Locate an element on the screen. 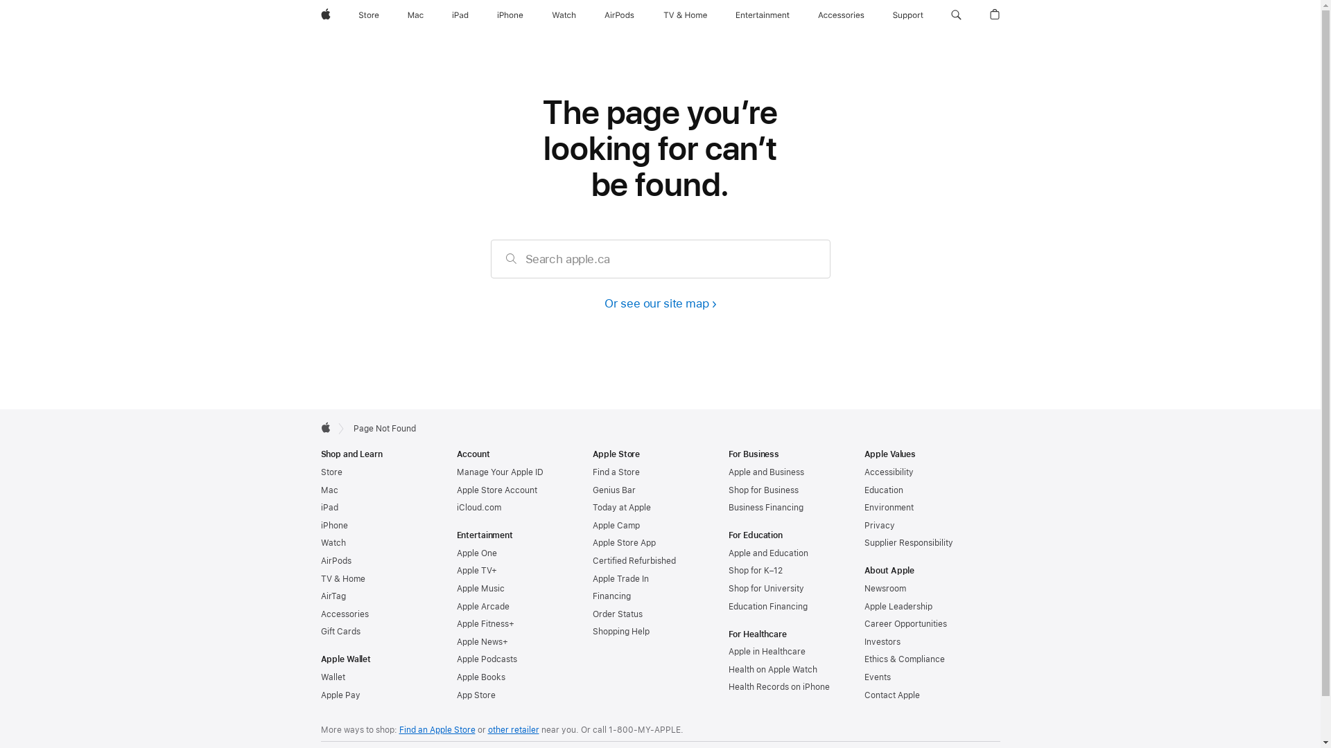 The width and height of the screenshot is (1331, 748). 'Investors' is located at coordinates (881, 641).